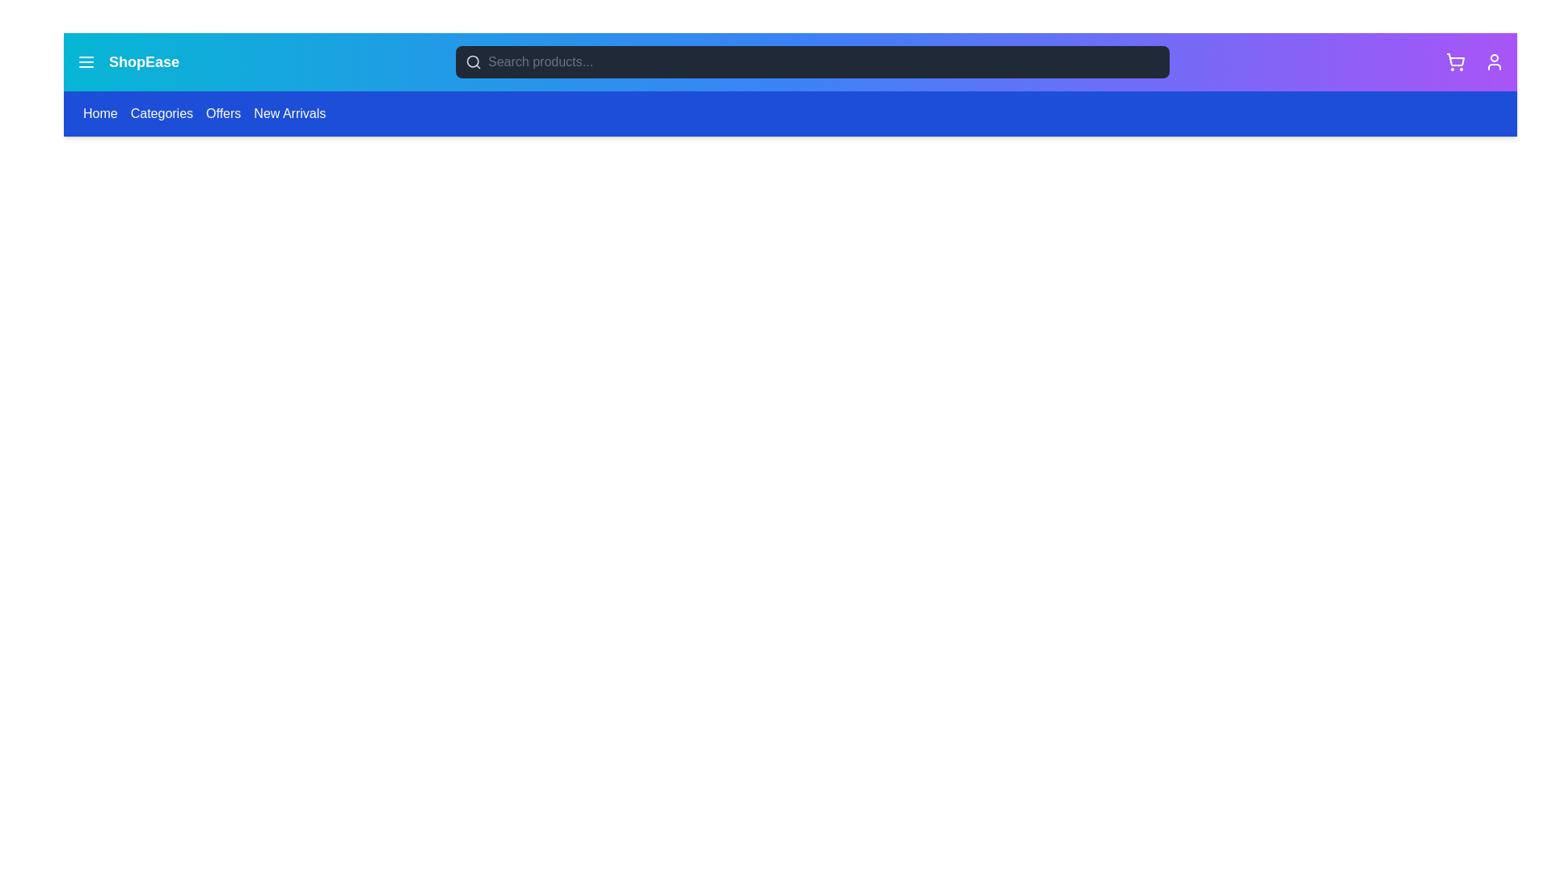 The width and height of the screenshot is (1552, 873). What do you see at coordinates (162, 113) in the screenshot?
I see `the 'Categories' hyperlink in the navigation bar` at bounding box center [162, 113].